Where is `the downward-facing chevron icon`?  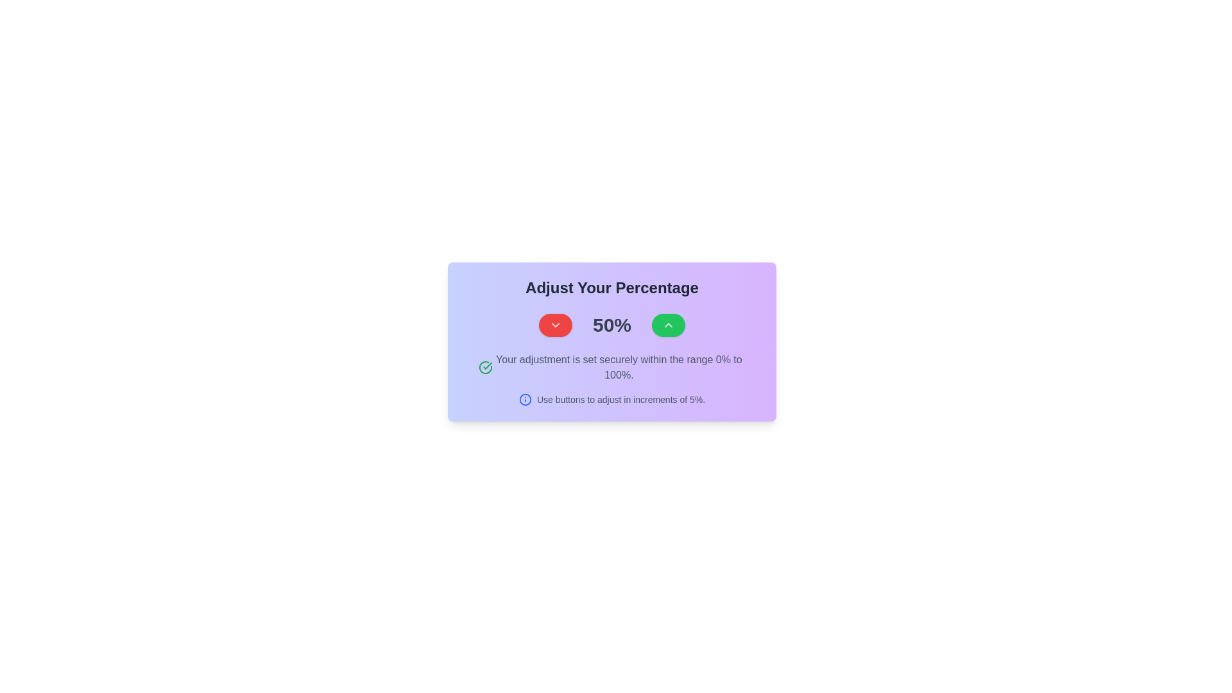
the downward-facing chevron icon is located at coordinates (555, 324).